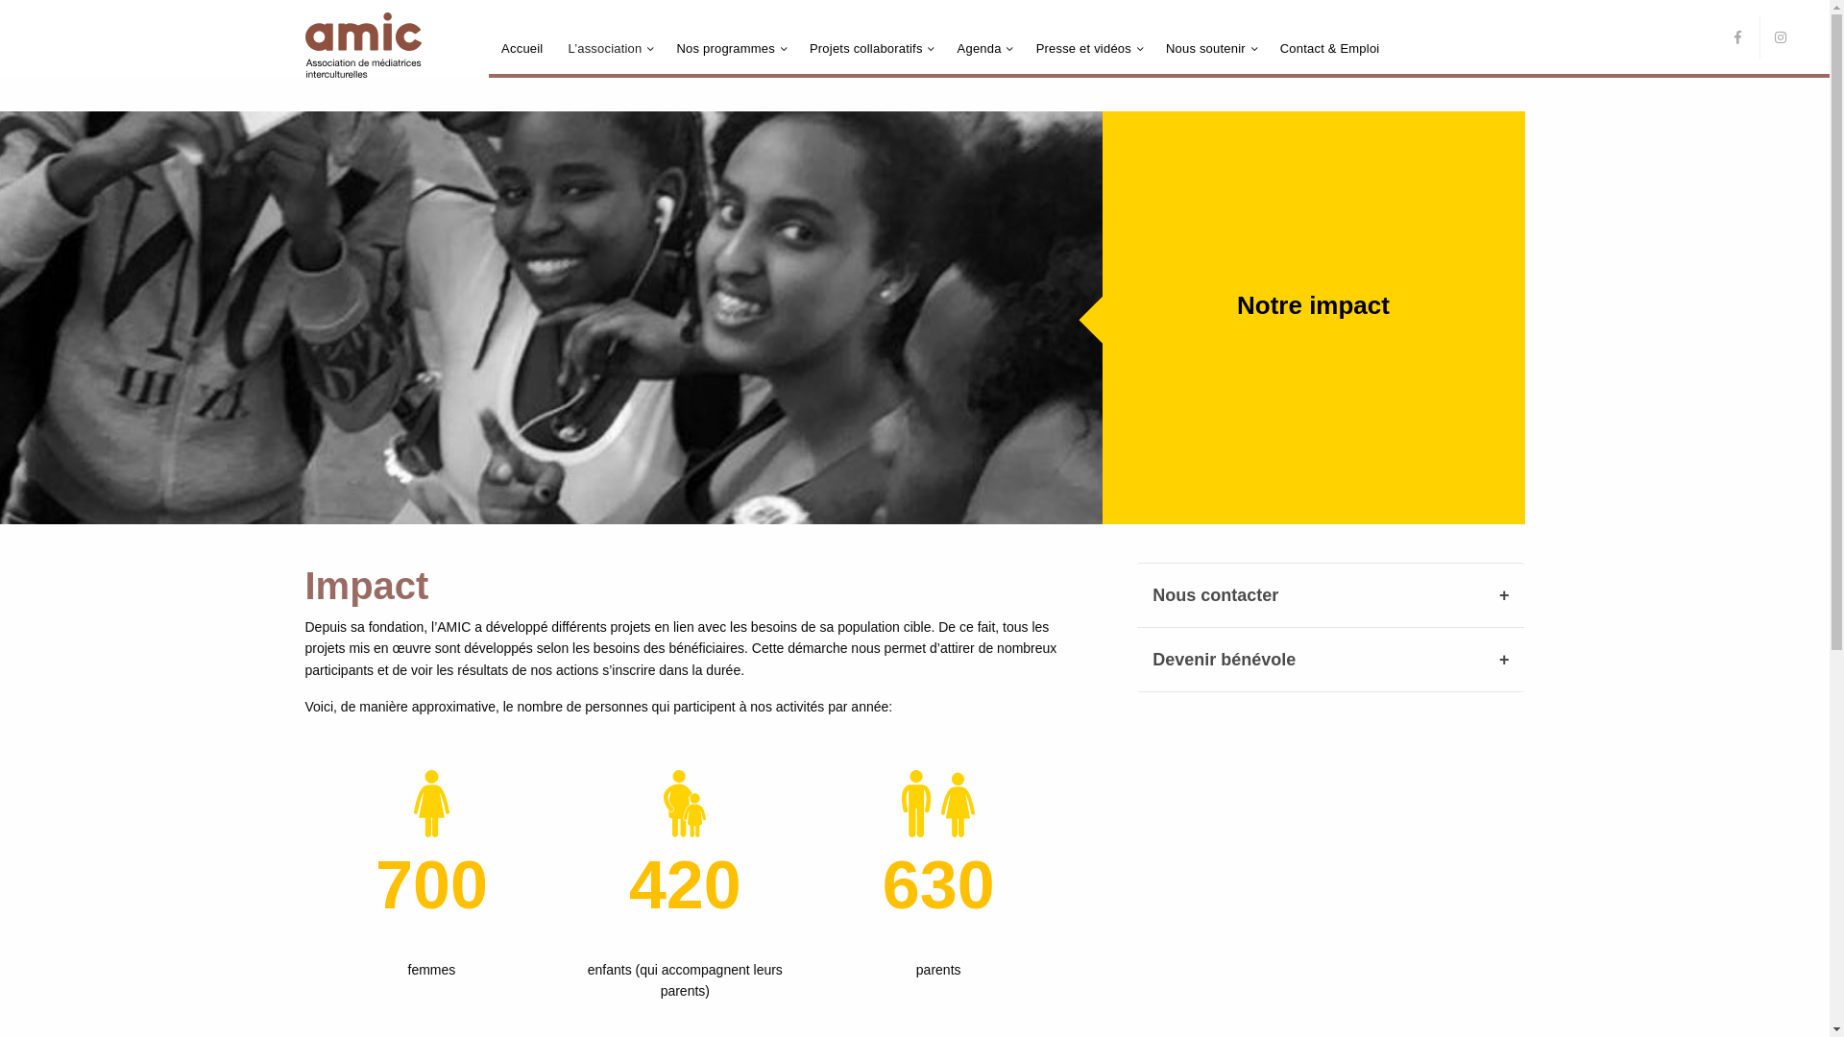 This screenshot has width=1844, height=1037. Describe the element at coordinates (1204, 47) in the screenshot. I see `'Nous soutenir'` at that location.